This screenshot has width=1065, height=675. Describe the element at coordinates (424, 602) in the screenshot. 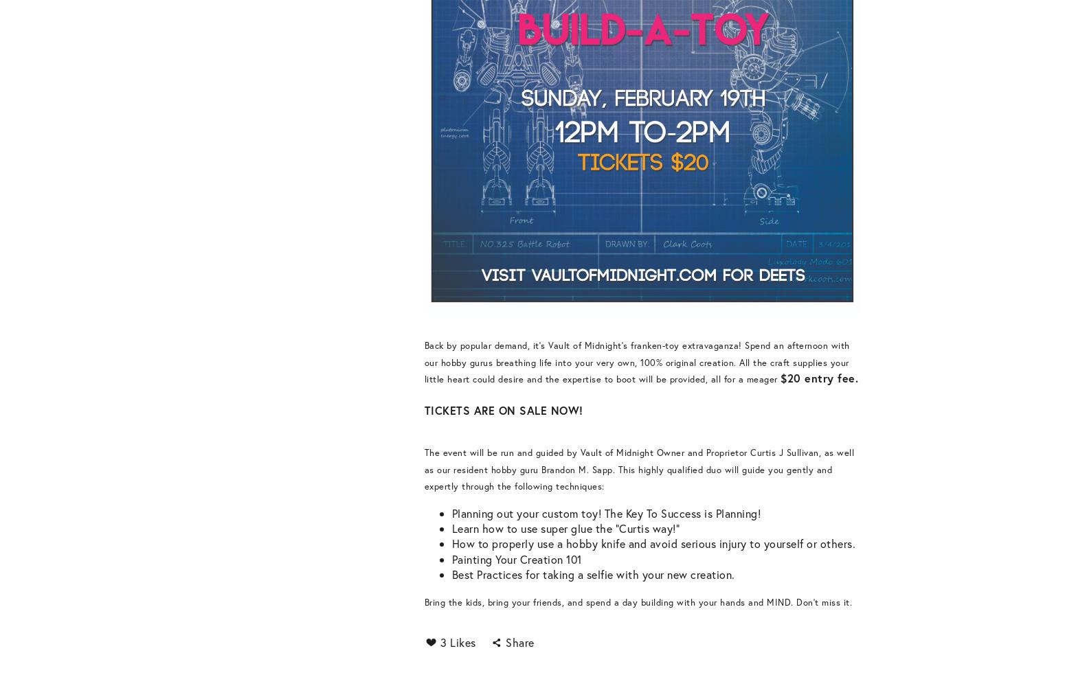

I see `'Bring the kids, bring your friends, and spend a day building with your hands and MIND. Don't miss it.'` at that location.